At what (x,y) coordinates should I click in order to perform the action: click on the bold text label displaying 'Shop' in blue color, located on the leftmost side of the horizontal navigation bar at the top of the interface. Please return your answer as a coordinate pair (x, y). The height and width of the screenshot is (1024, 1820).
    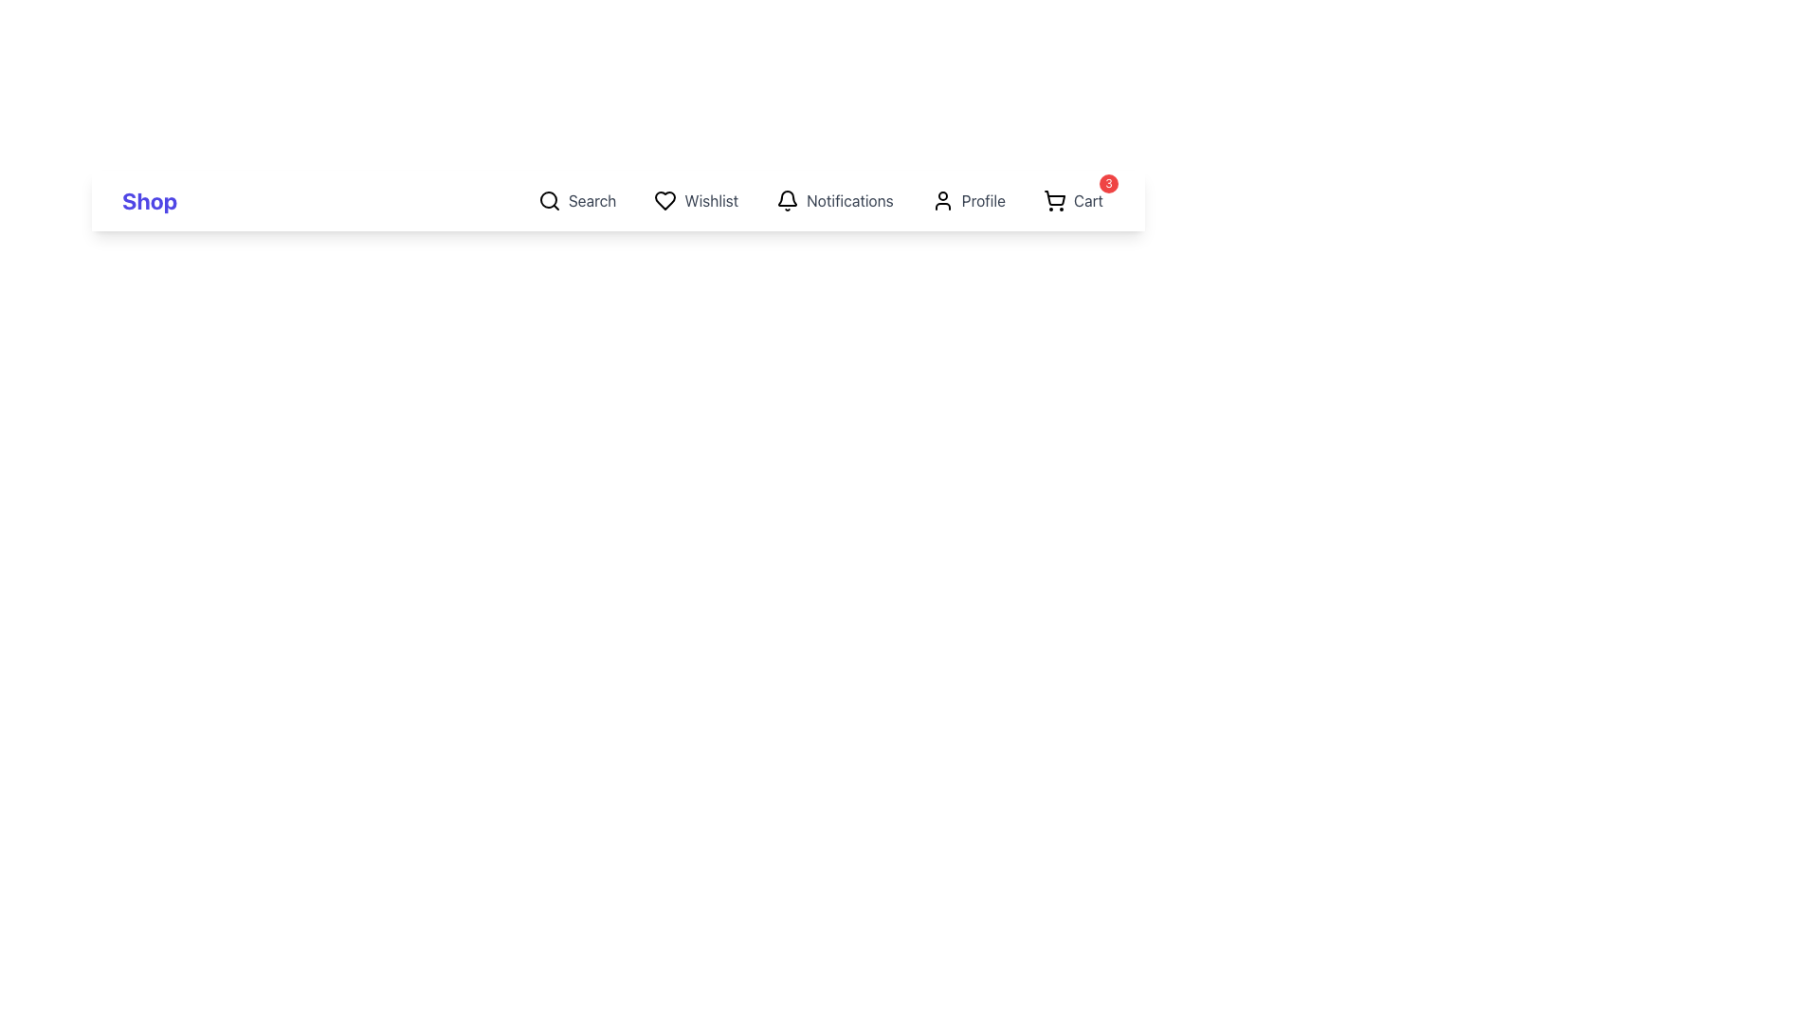
    Looking at the image, I should click on (149, 201).